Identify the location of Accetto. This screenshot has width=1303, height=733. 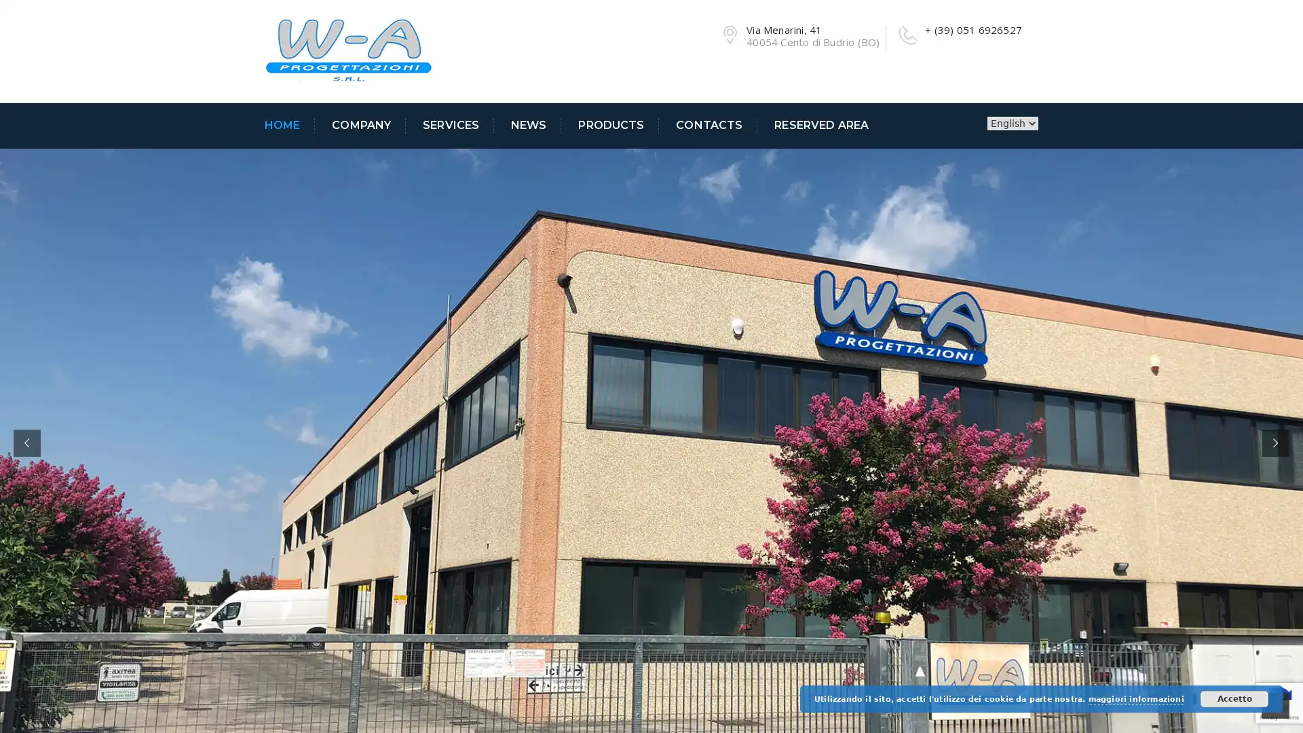
(1234, 698).